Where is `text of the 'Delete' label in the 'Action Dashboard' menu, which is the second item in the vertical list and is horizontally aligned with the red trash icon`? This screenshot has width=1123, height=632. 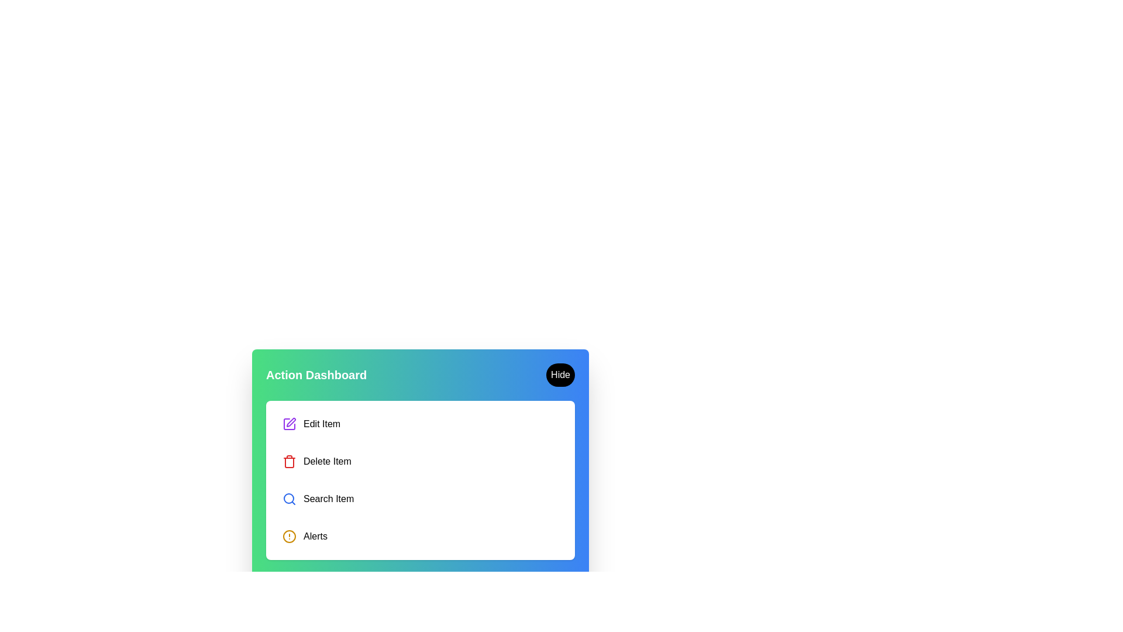 text of the 'Delete' label in the 'Action Dashboard' menu, which is the second item in the vertical list and is horizontally aligned with the red trash icon is located at coordinates (327, 461).